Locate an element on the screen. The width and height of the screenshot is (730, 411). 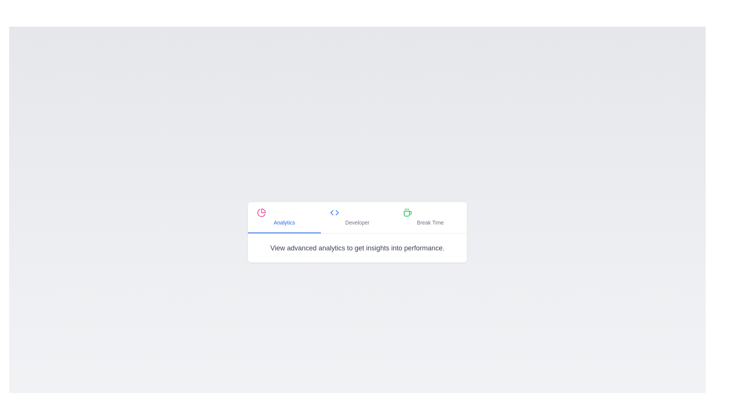
the tab labeled Break Time is located at coordinates (430, 217).